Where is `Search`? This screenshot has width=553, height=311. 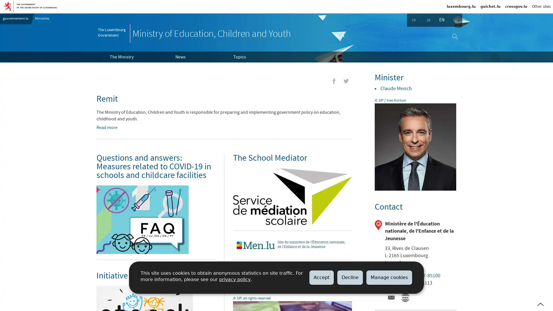 Search is located at coordinates (454, 36).